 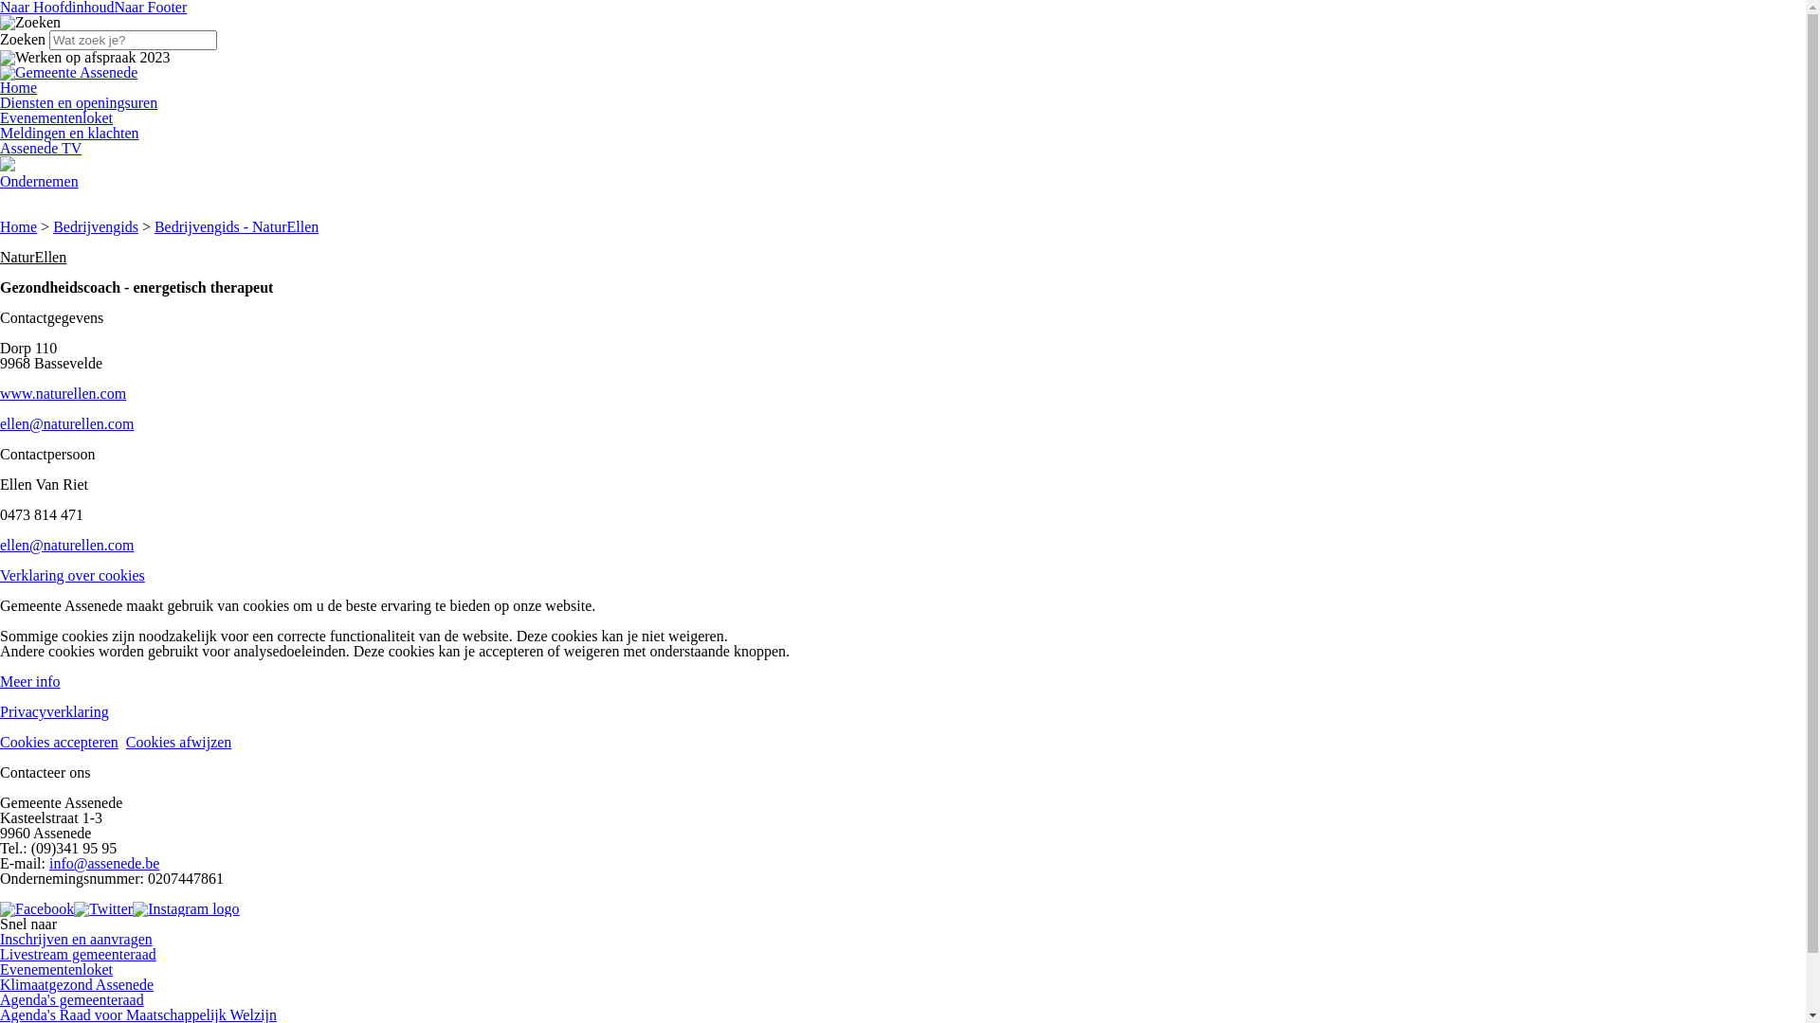 What do you see at coordinates (0, 907) in the screenshot?
I see `'Facebook'` at bounding box center [0, 907].